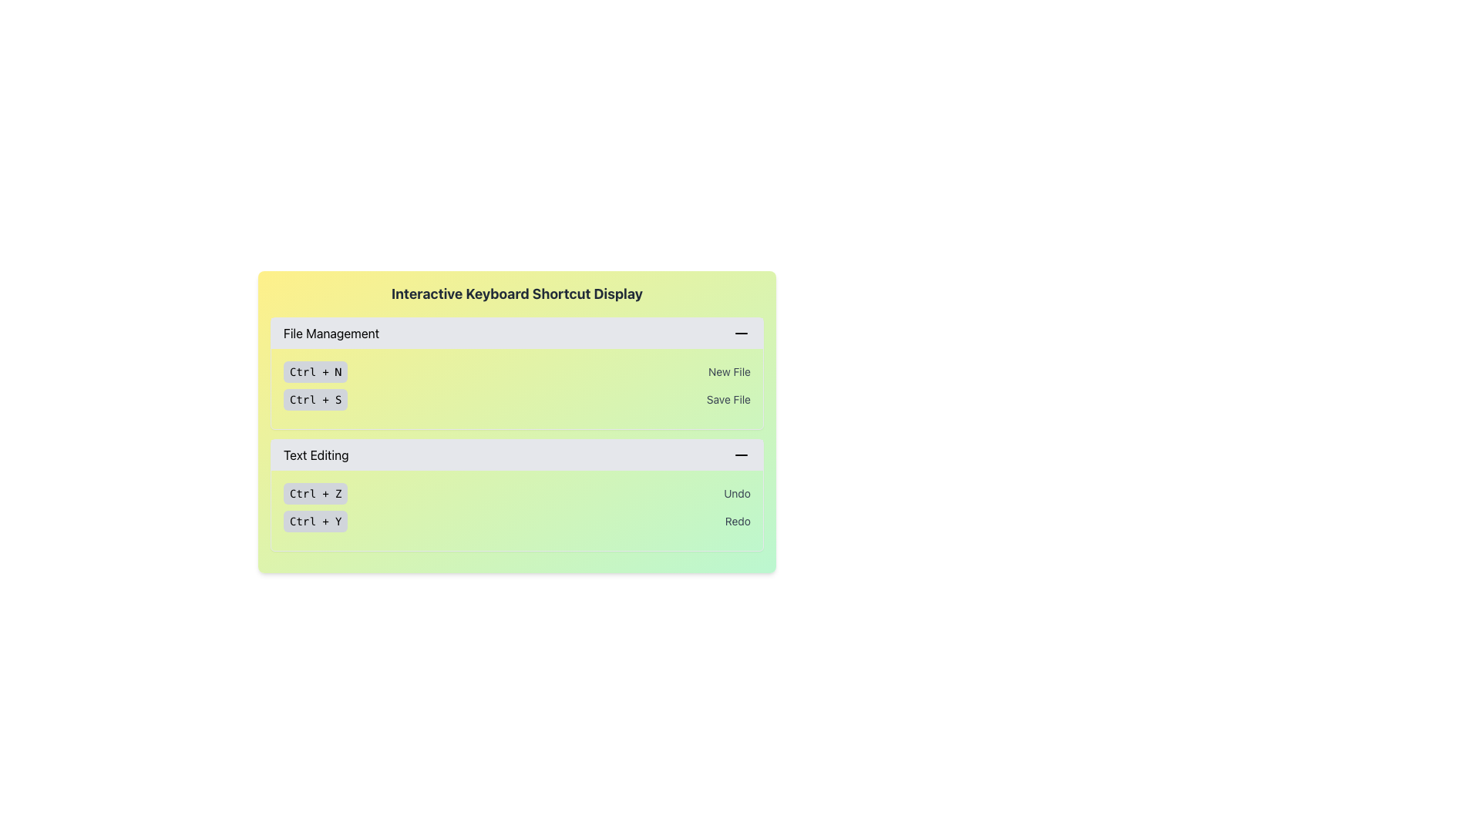 The width and height of the screenshot is (1480, 832). What do you see at coordinates (314, 493) in the screenshot?
I see `the 'Ctrl + Z' button, which is a small, rounded rectangular button with a light gray background and darker gray border, located in the 'Text Editing' section of the interface` at bounding box center [314, 493].